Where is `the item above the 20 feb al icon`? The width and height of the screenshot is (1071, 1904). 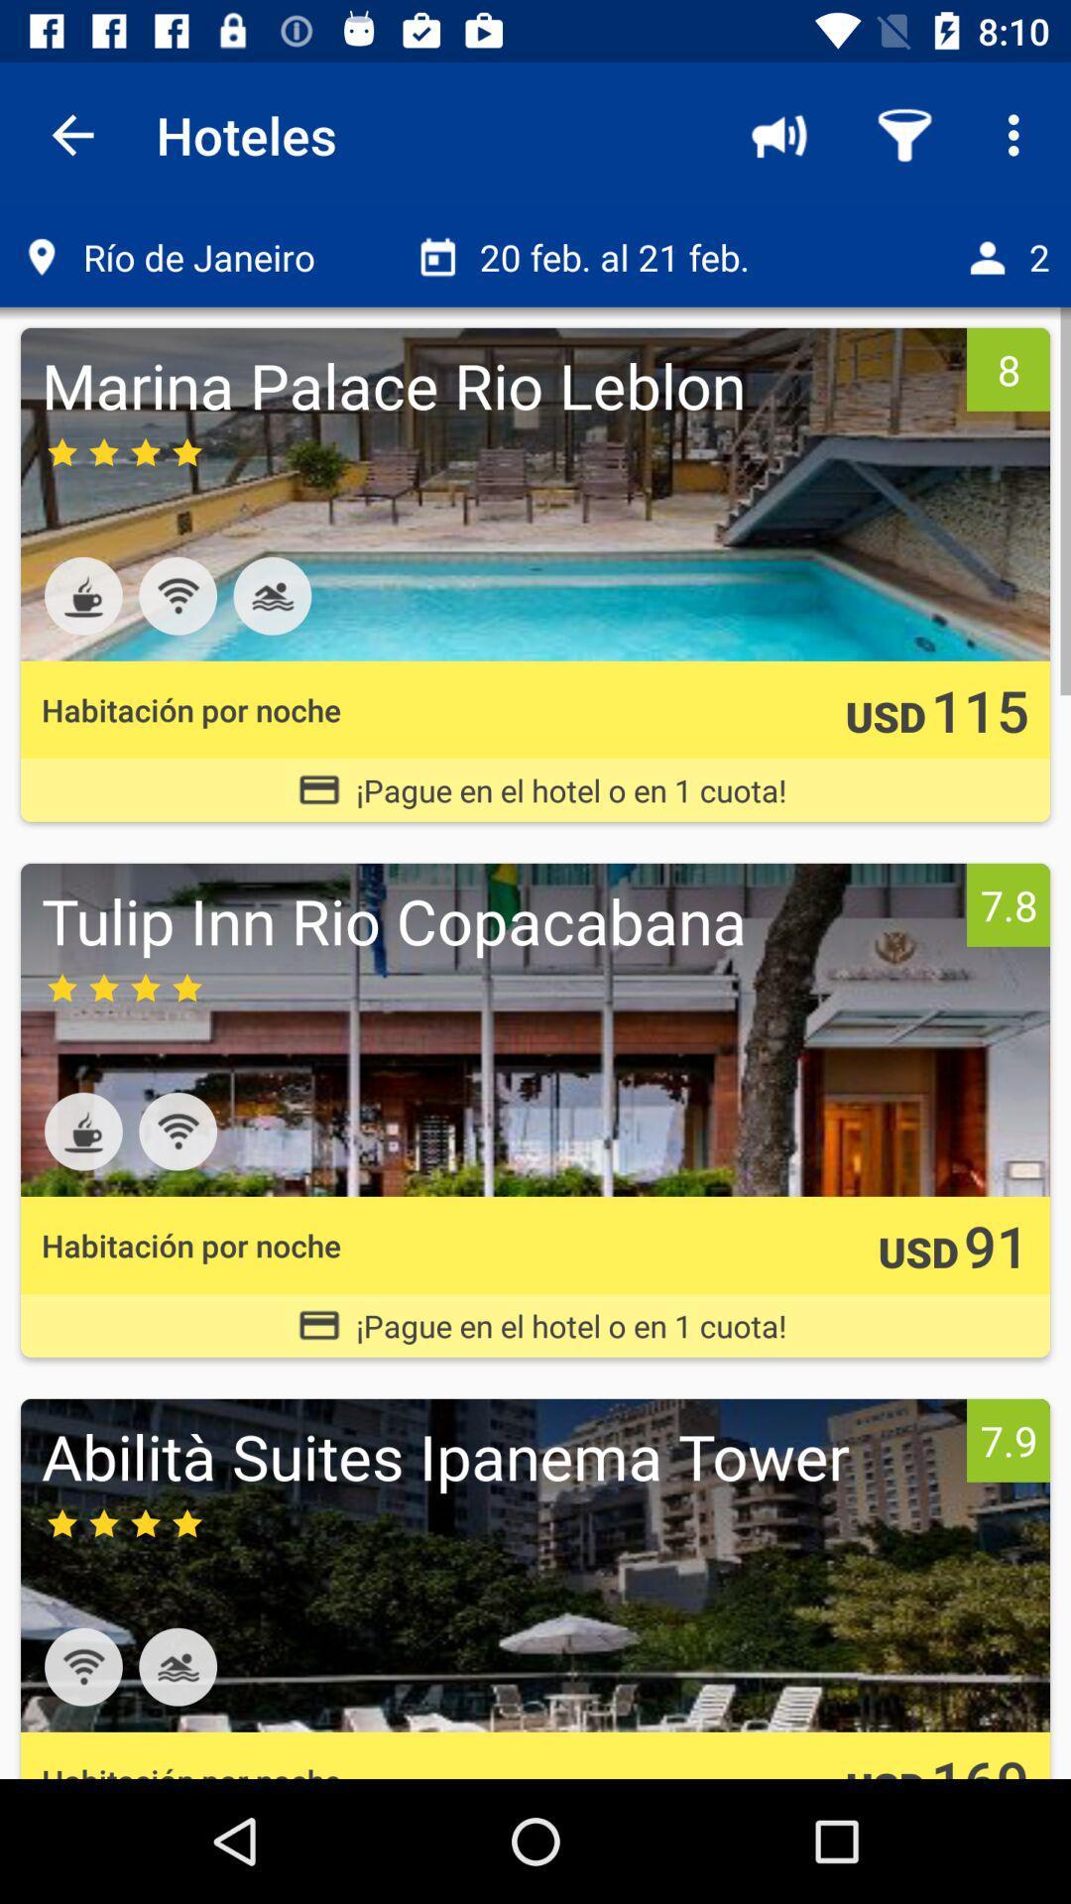 the item above the 20 feb al icon is located at coordinates (778, 134).